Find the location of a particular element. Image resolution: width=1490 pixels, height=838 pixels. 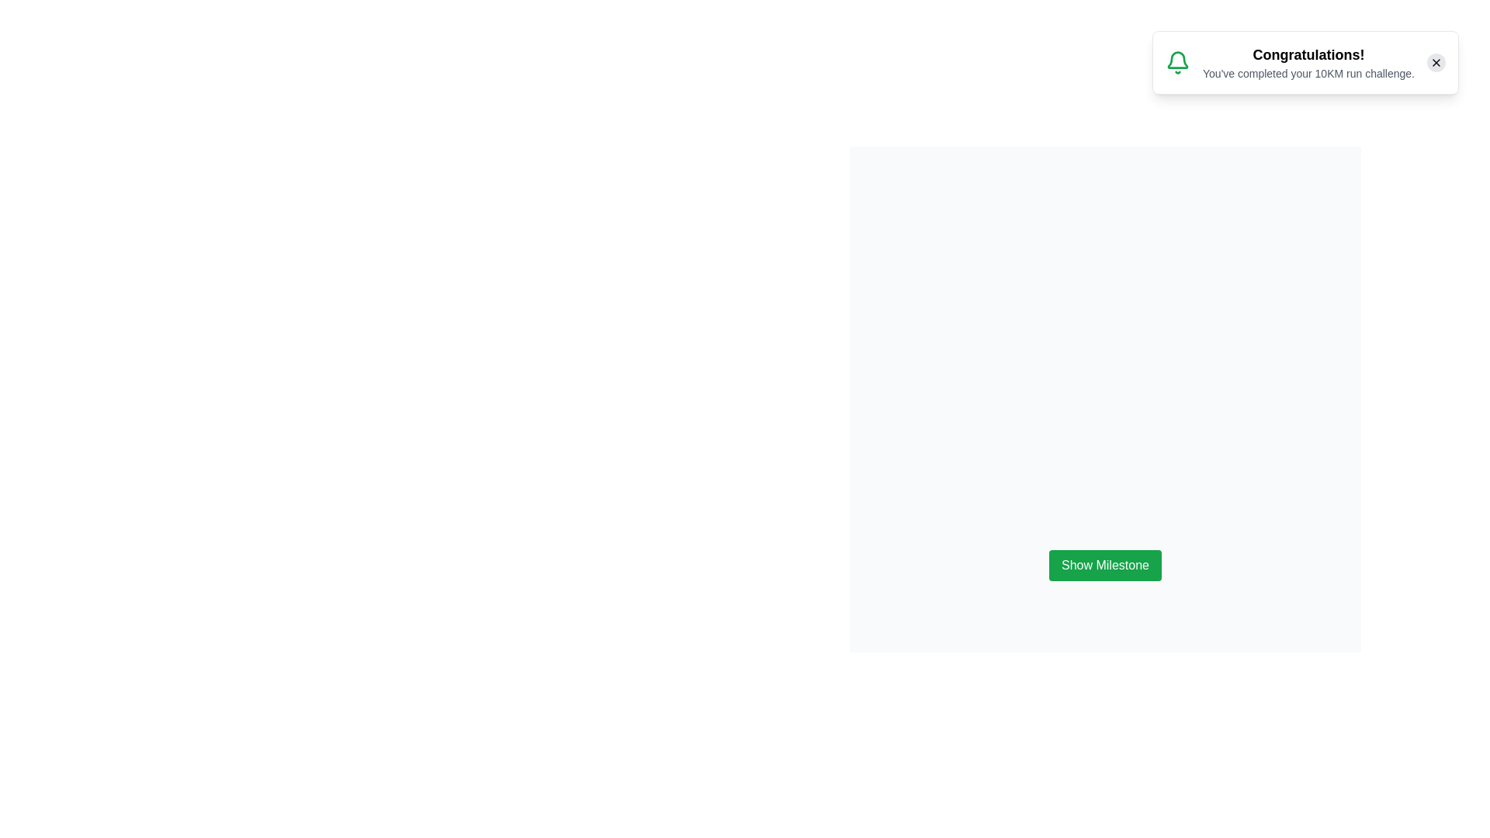

the close button of the notification is located at coordinates (1436, 62).